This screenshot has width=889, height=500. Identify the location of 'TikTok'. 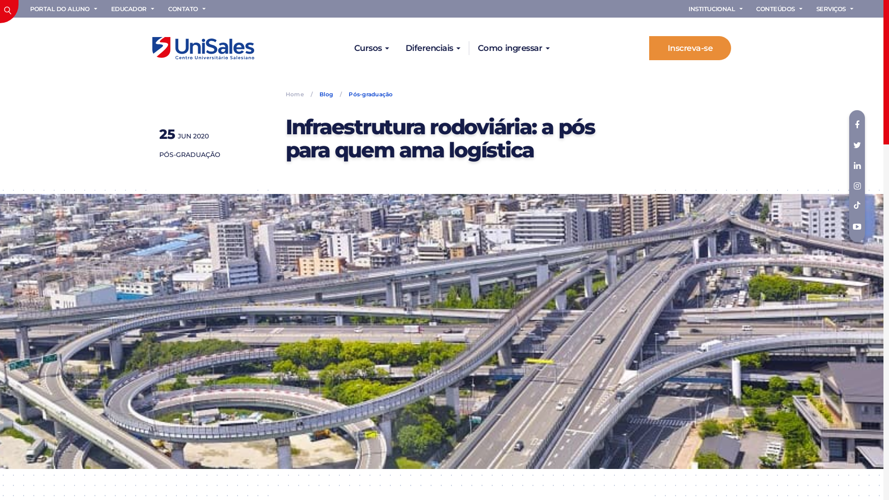
(849, 206).